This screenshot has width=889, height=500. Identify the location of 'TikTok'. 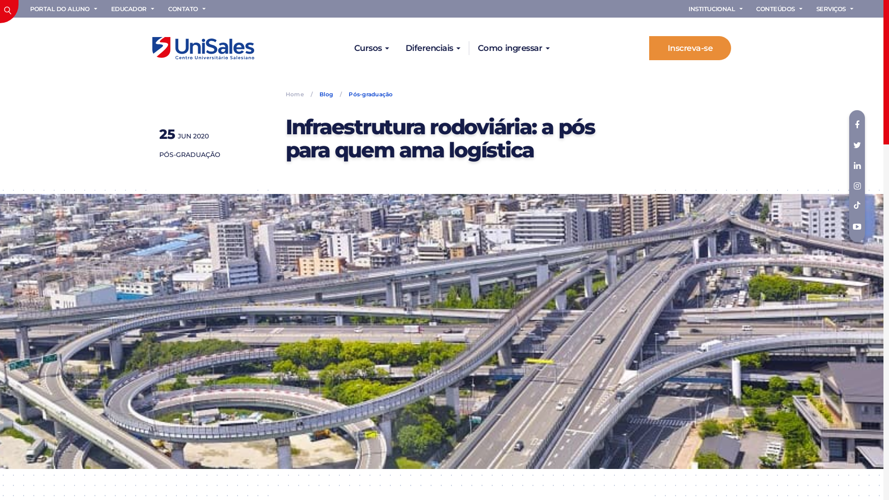
(849, 206).